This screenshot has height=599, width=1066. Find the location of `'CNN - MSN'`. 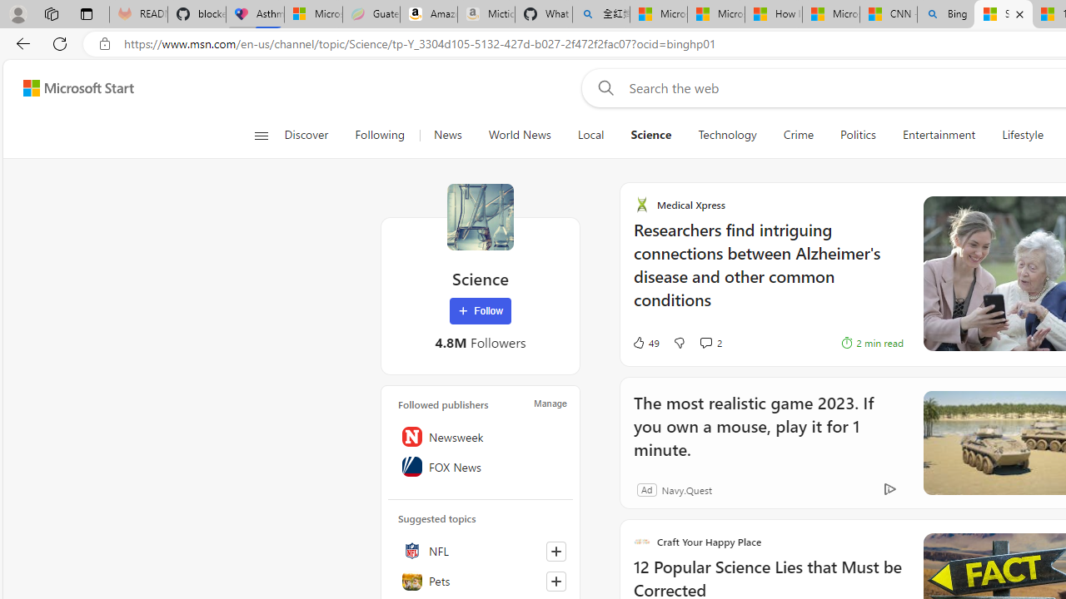

'CNN - MSN' is located at coordinates (887, 14).